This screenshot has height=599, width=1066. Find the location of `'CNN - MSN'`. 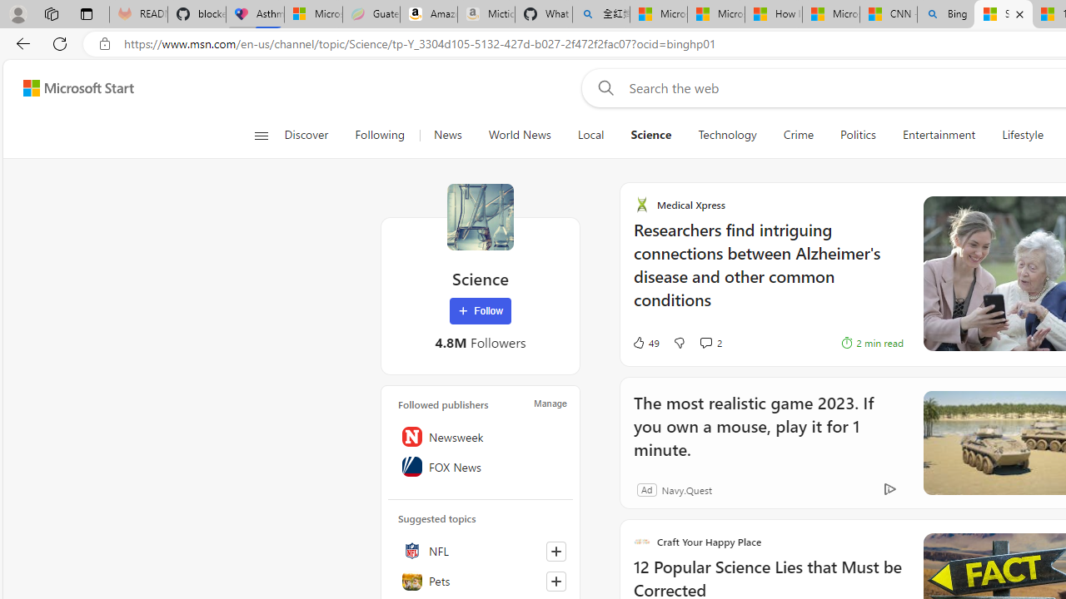

'CNN - MSN' is located at coordinates (887, 14).